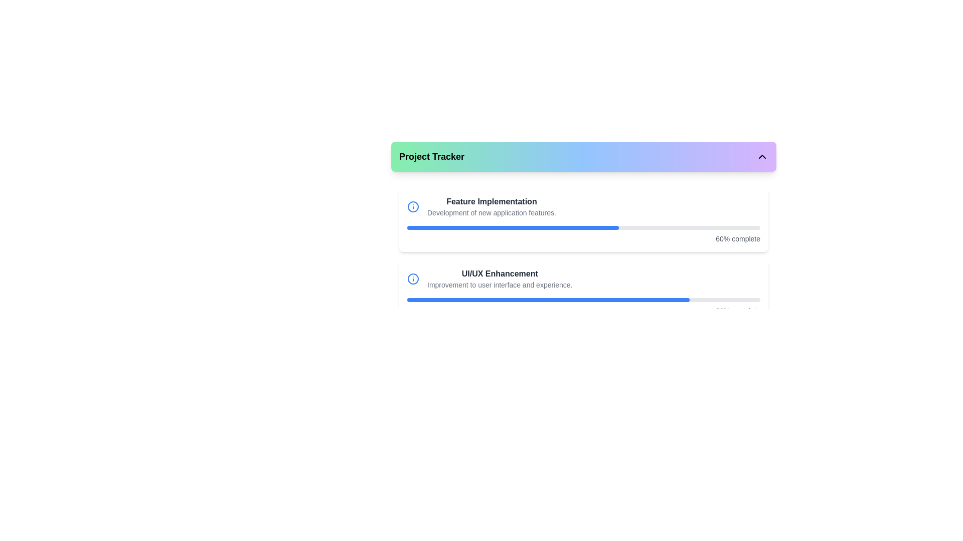 The width and height of the screenshot is (963, 541). I want to click on the text display titled 'Feature Implementation', so click(492, 206).